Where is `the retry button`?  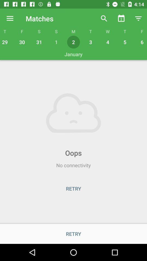
the retry button is located at coordinates (73, 188).